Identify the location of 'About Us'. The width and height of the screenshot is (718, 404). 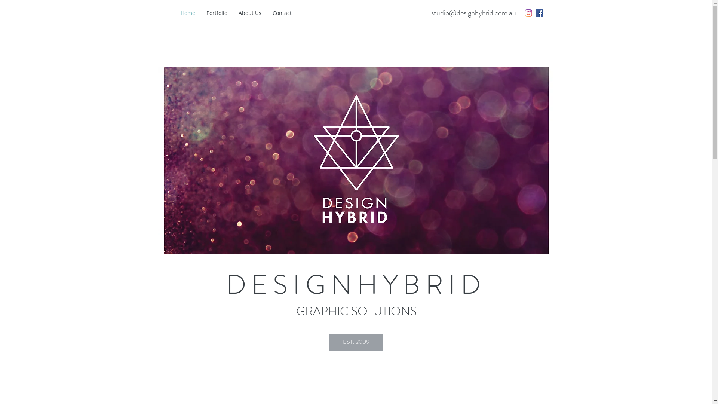
(232, 13).